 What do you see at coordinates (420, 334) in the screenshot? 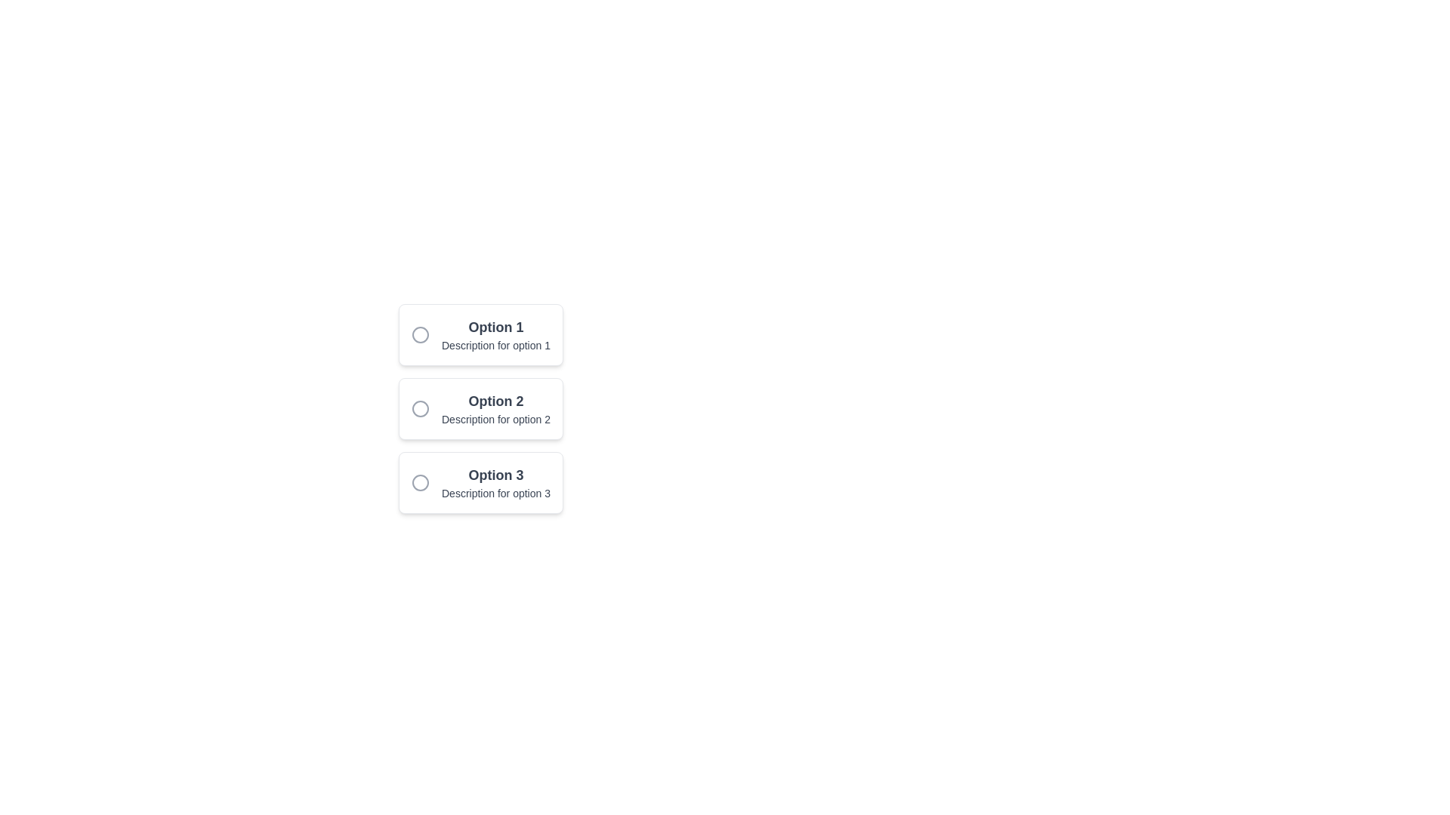
I see `the circle radio button for 'Option 1'` at bounding box center [420, 334].